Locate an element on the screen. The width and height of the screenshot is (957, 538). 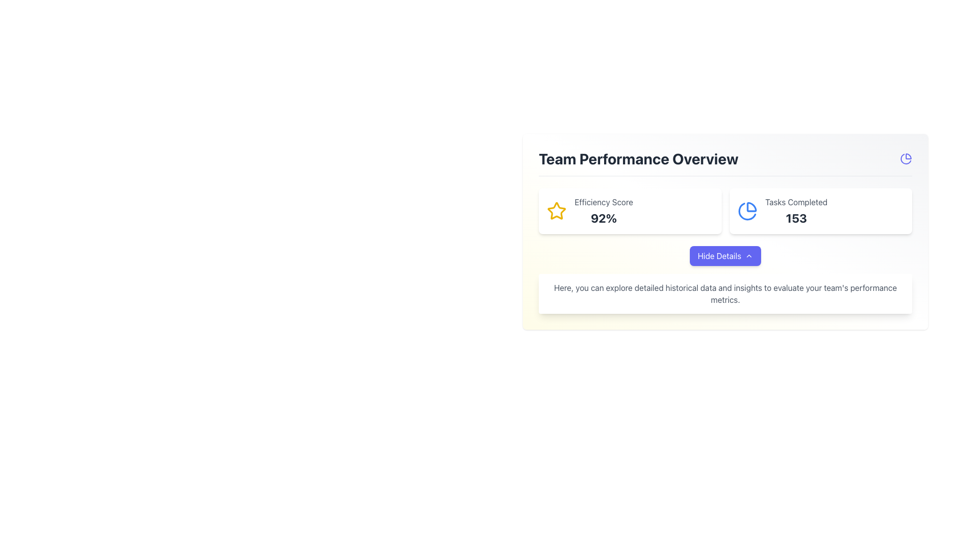
numeric display showing the count of completed tasks located in the bottom-right section beneath 'Tasks Completed' is located at coordinates (796, 218).